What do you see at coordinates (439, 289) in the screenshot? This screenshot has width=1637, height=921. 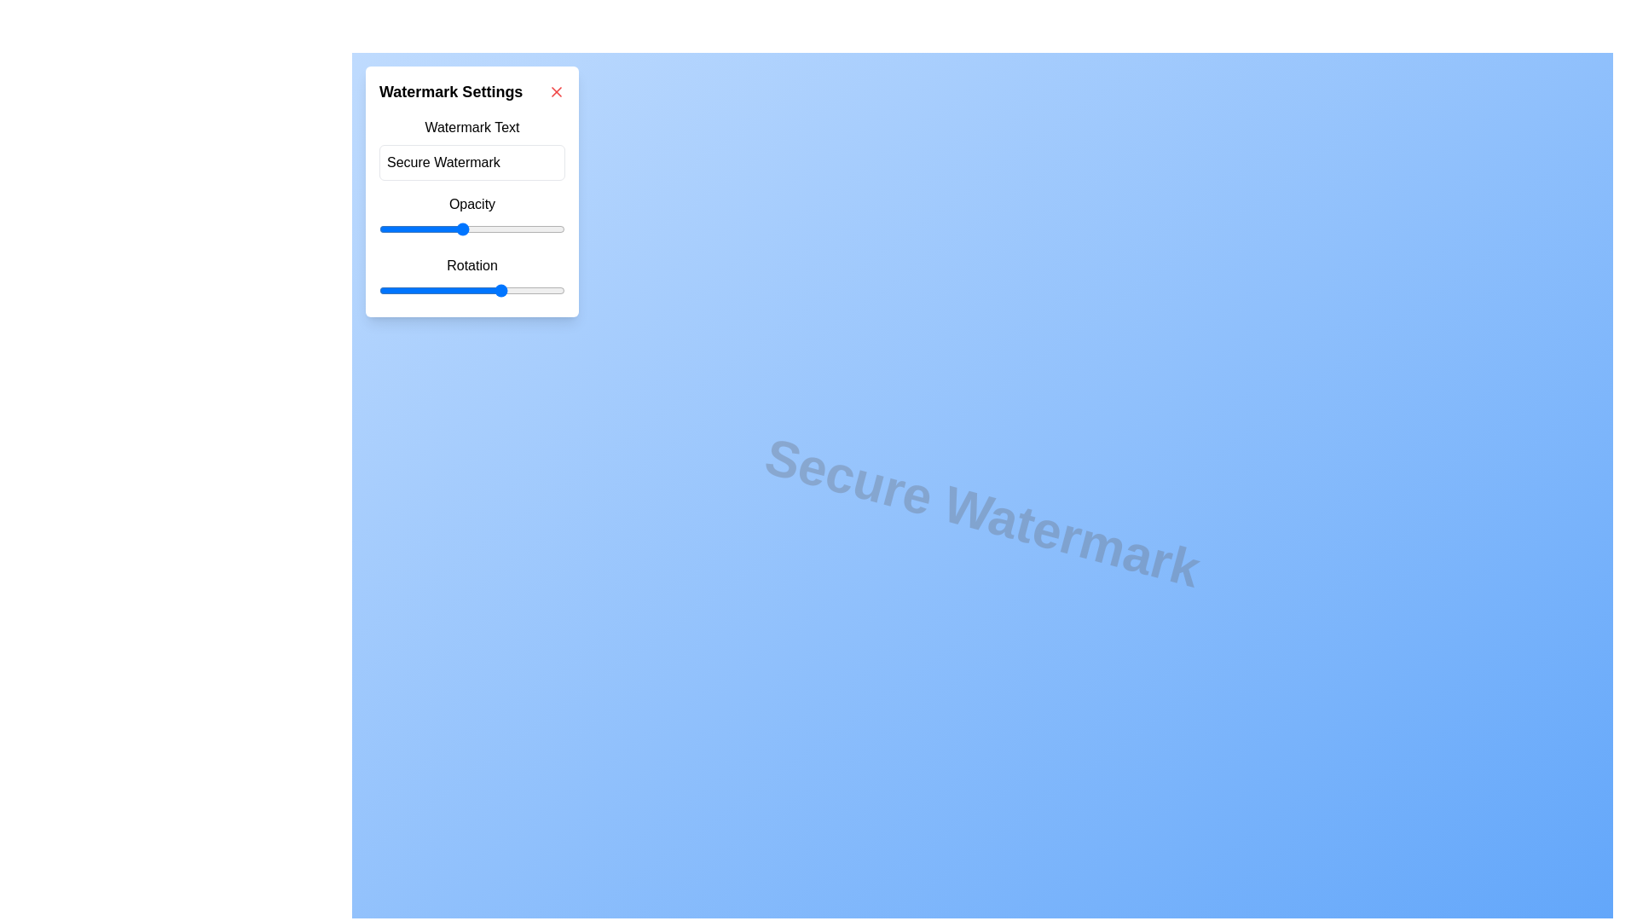 I see `the rotation` at bounding box center [439, 289].